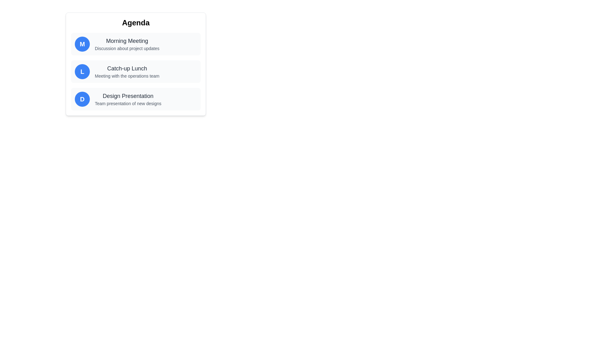 The image size is (601, 338). Describe the element at coordinates (128, 99) in the screenshot. I see `the Text block that serves as a title and description for the list item, labeled 'Design Presentation' with additional text 'Team presentation of new designs'` at that location.